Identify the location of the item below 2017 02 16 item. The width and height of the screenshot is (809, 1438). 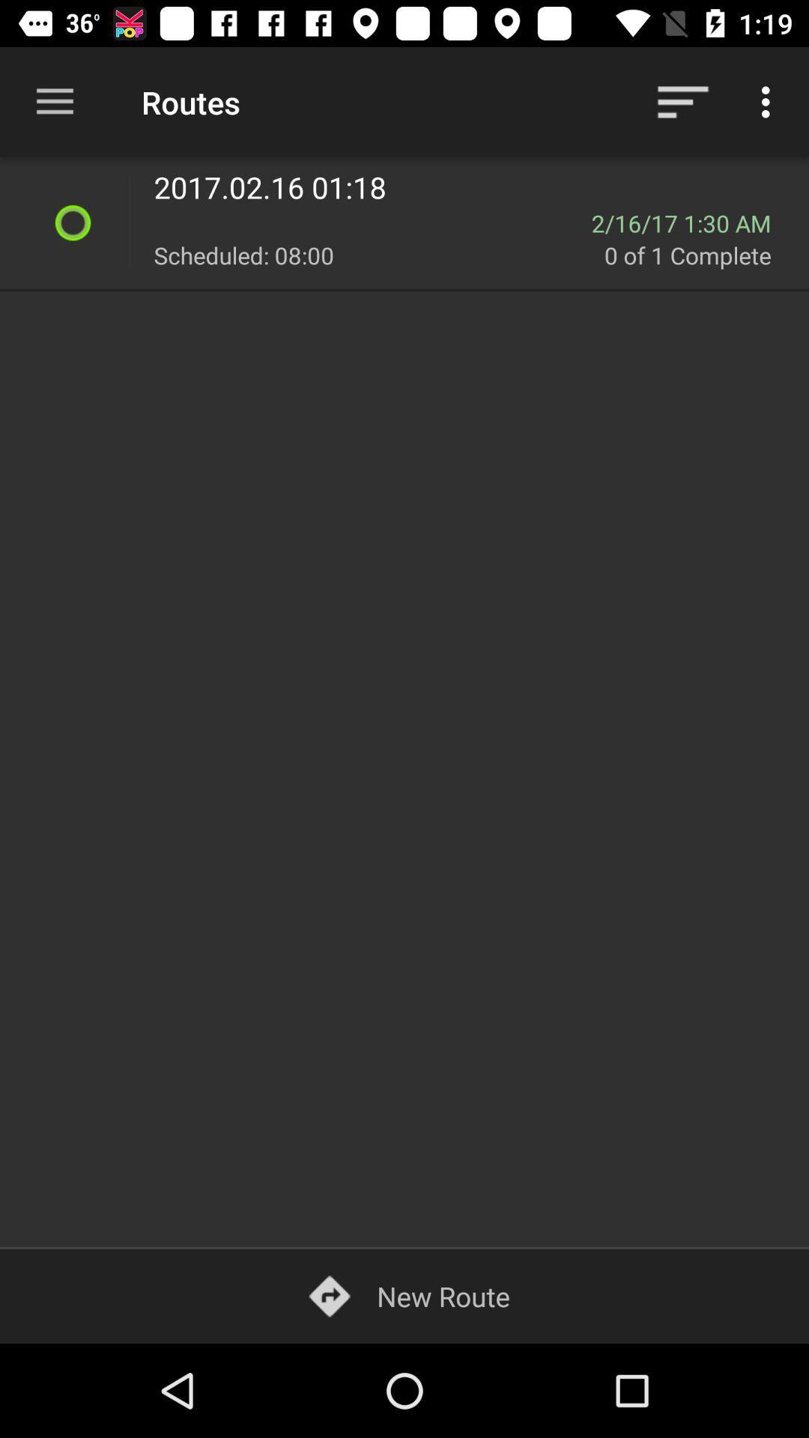
(372, 222).